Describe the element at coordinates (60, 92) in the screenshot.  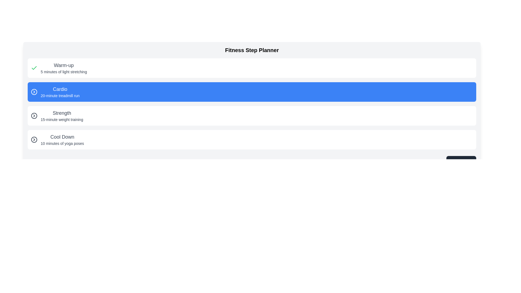
I see `the text component displaying 'Cardio' with a blue rounded background, which is the second item in a vertical list of exercise elements` at that location.